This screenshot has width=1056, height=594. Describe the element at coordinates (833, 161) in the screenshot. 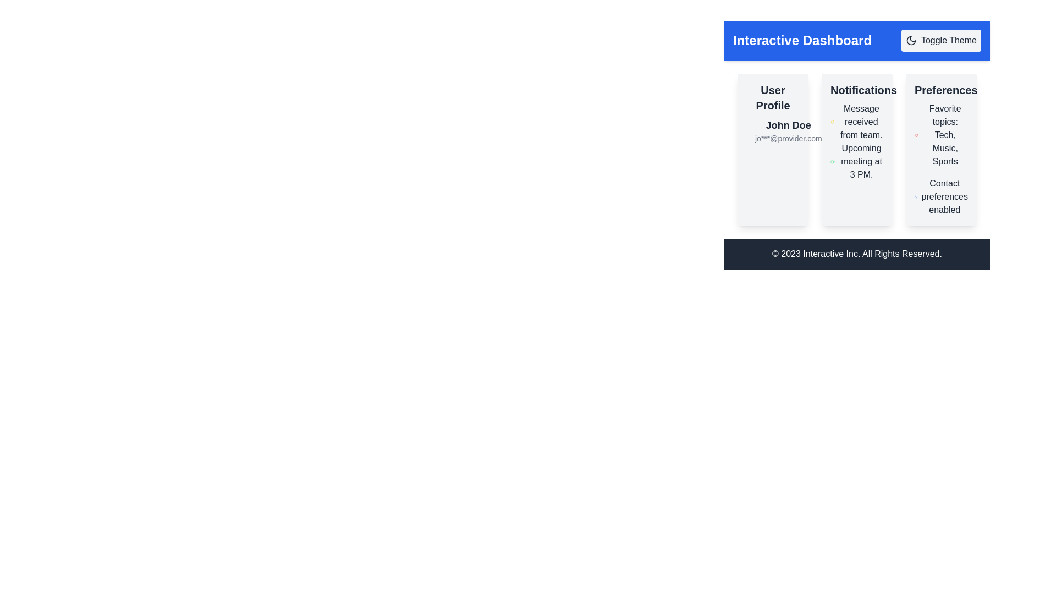

I see `the coffee cup icon outlined in green located in the Notifications panel next to the text 'Upcoming meeting at 3 PM.'` at that location.